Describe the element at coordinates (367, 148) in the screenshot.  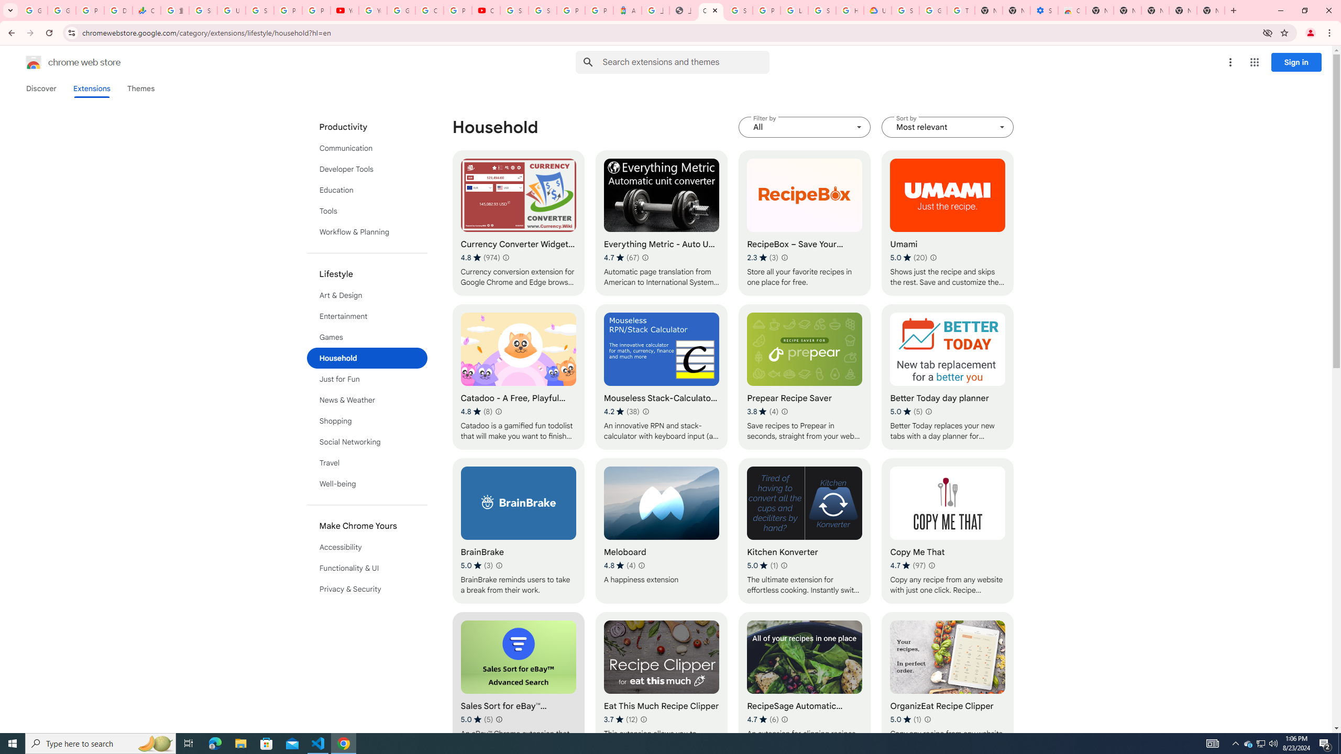
I see `'Communication'` at that location.